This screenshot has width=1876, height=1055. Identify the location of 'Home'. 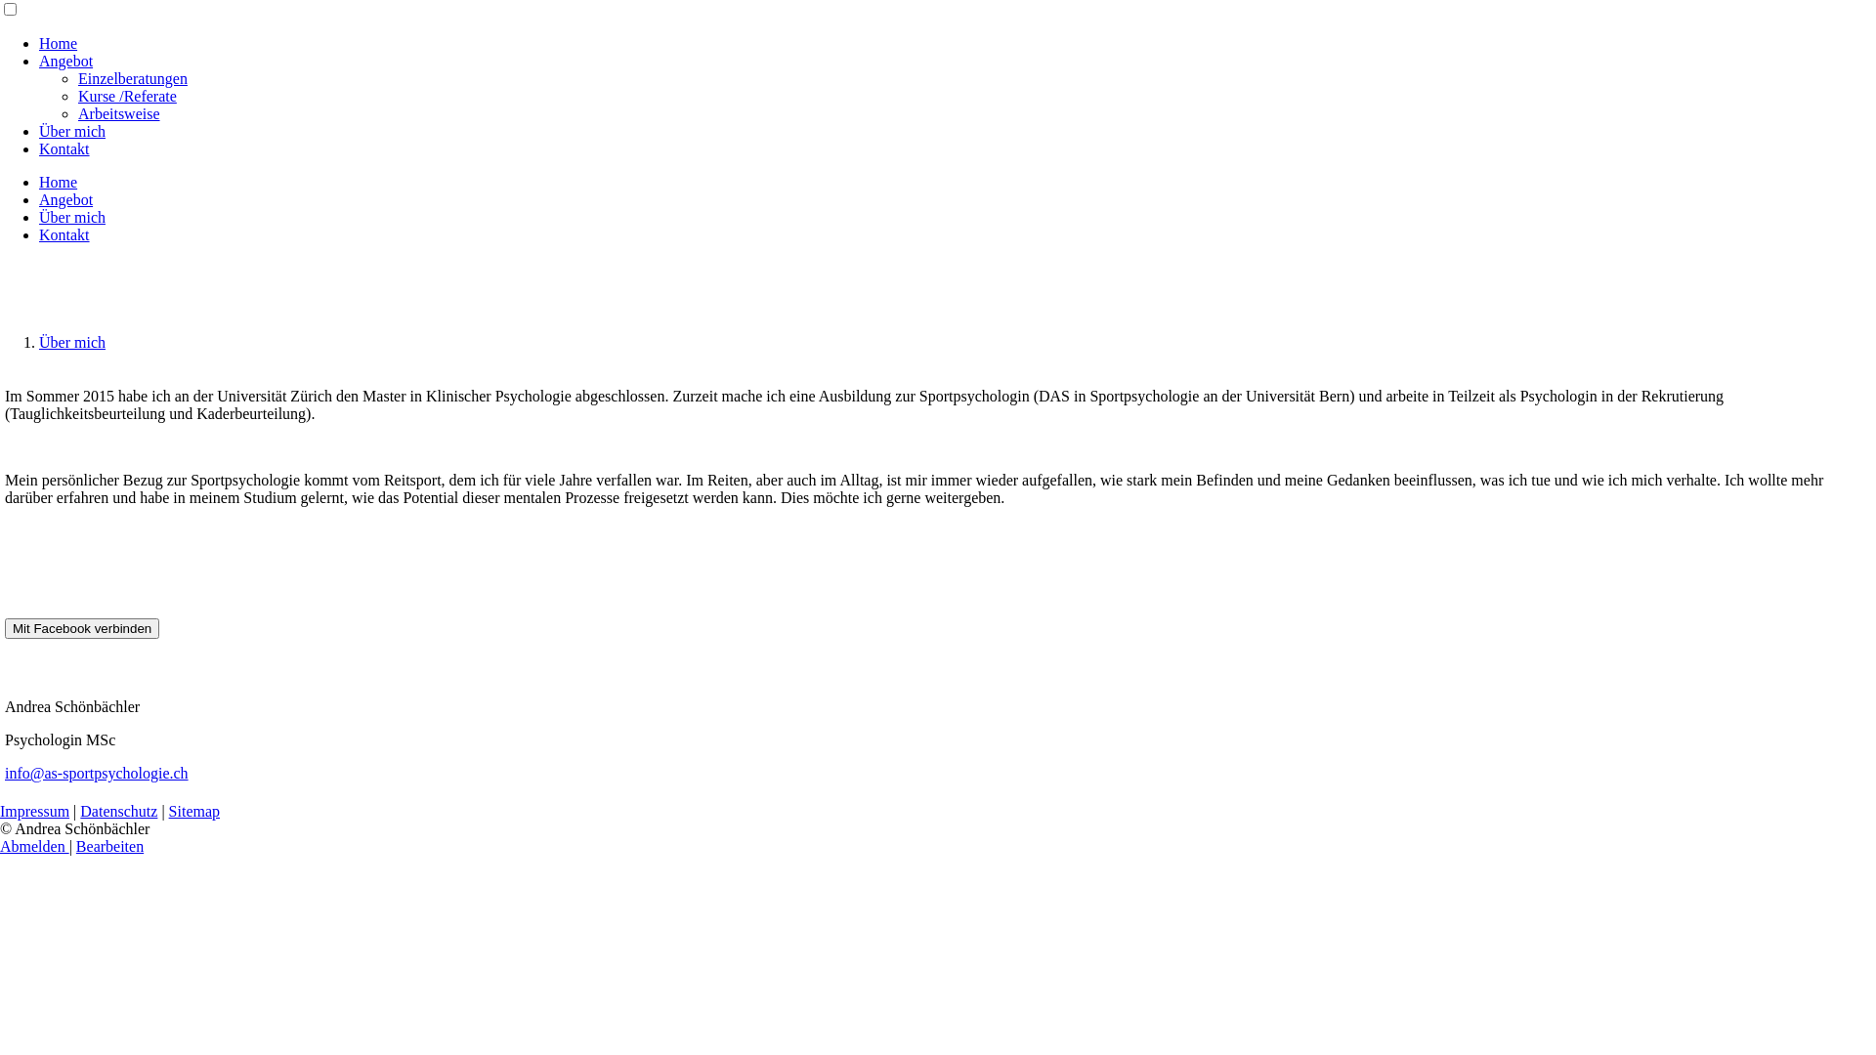
(58, 43).